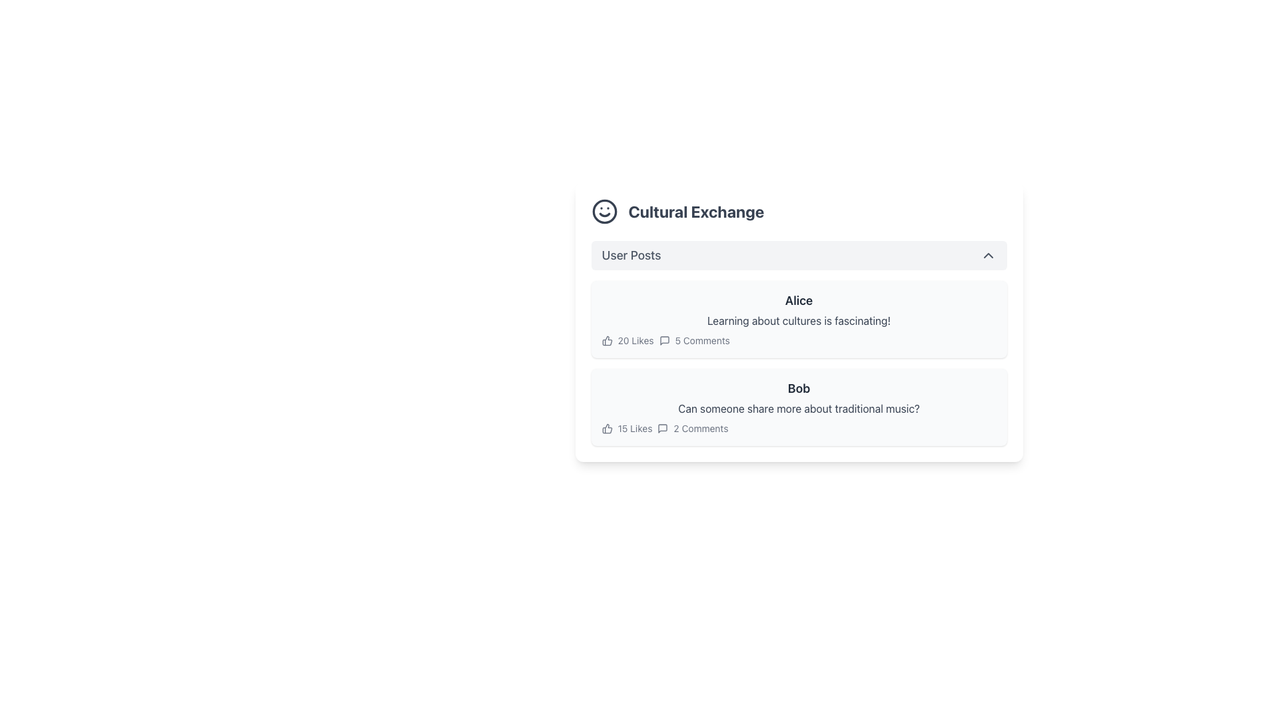 The height and width of the screenshot is (719, 1279). Describe the element at coordinates (799, 300) in the screenshot. I see `displayed name 'Alice' from the text label located at the top of the first post in the list` at that location.